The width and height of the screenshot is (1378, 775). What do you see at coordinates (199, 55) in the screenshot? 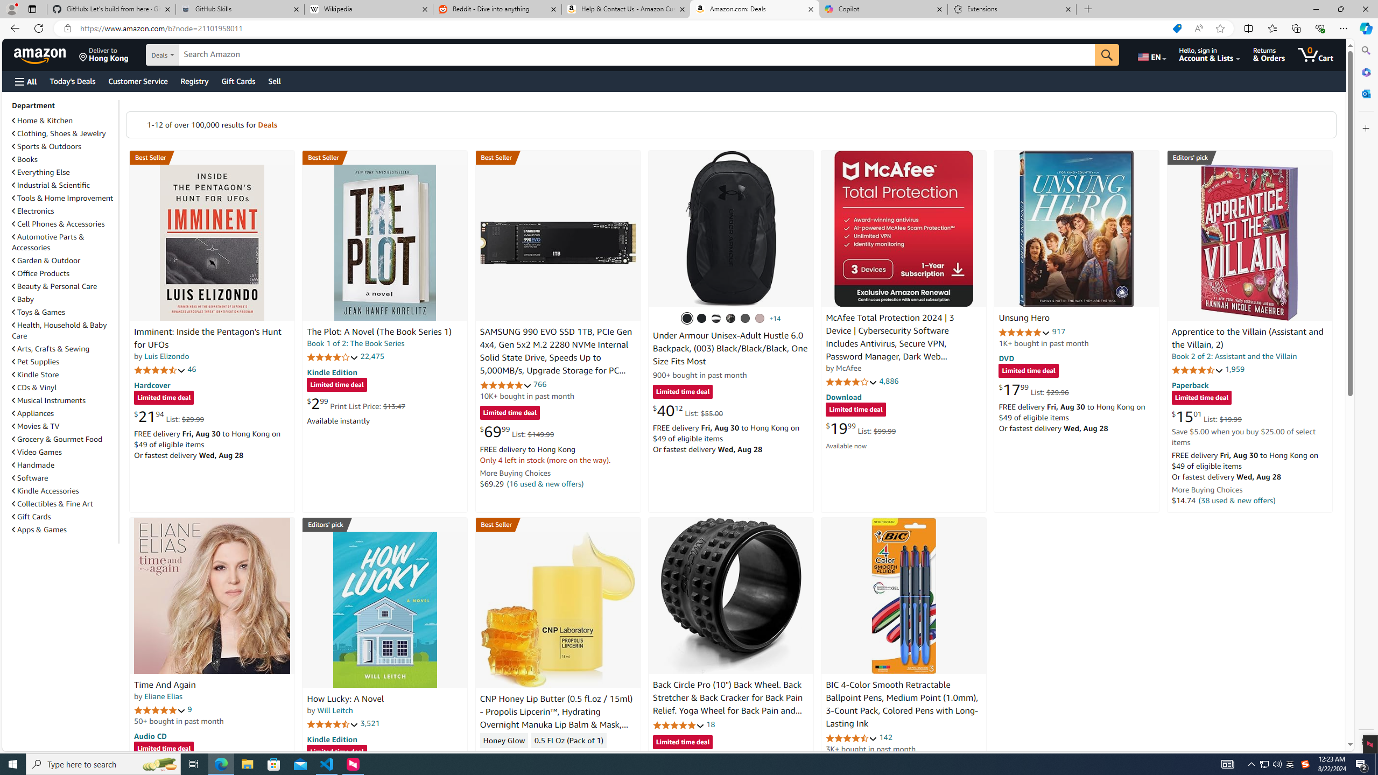
I see `'Search in'` at bounding box center [199, 55].